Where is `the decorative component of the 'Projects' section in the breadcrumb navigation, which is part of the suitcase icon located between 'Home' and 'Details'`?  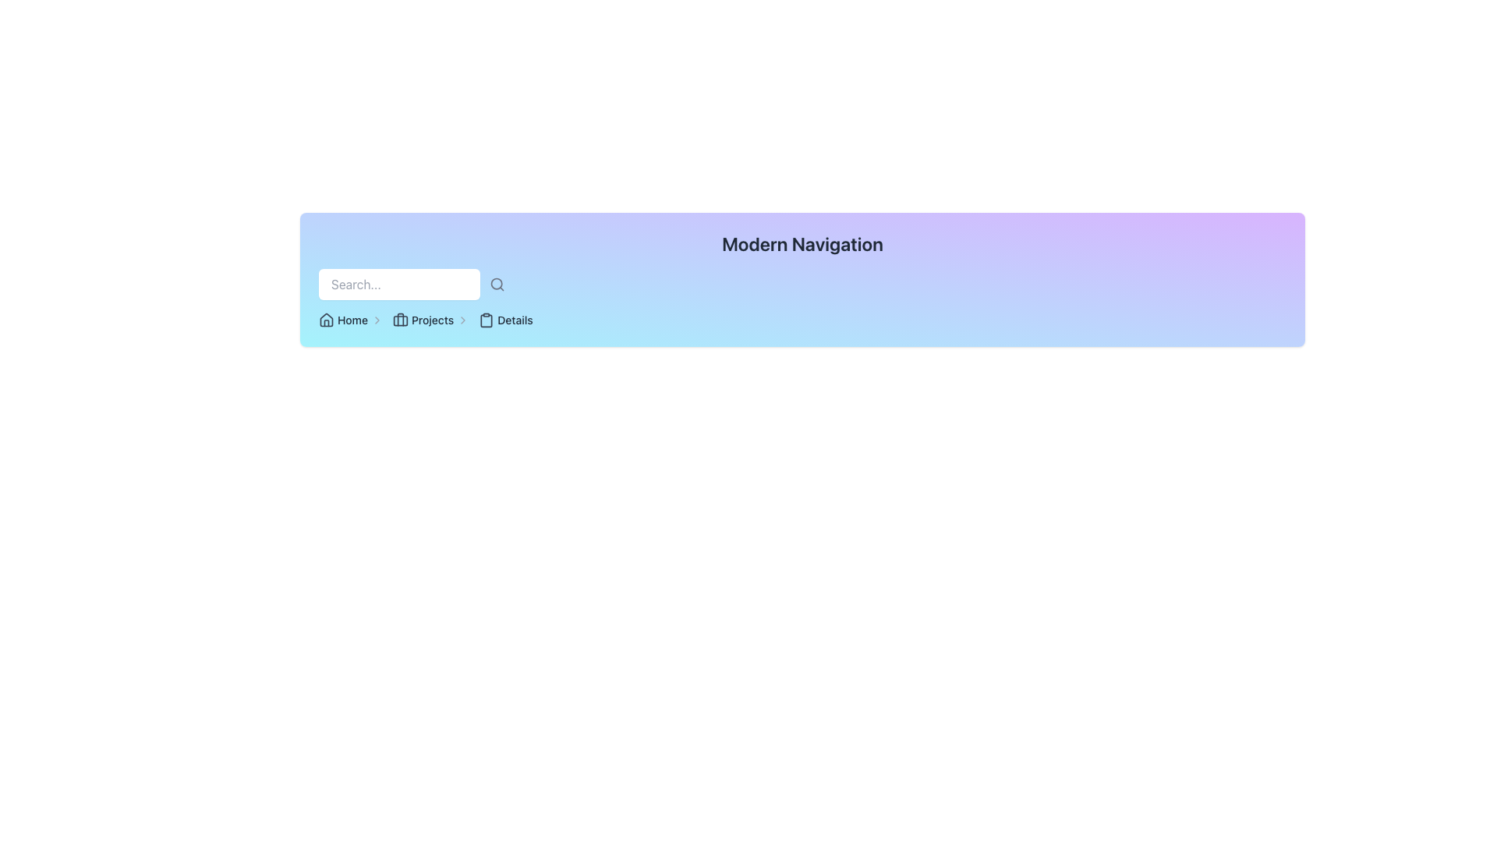
the decorative component of the 'Projects' section in the breadcrumb navigation, which is part of the suitcase icon located between 'Home' and 'Details' is located at coordinates (400, 320).